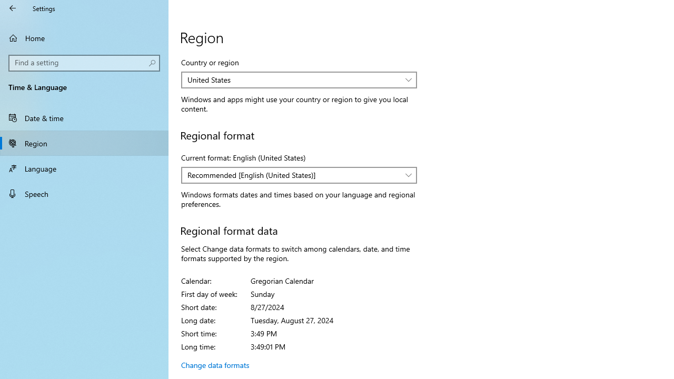  I want to click on 'Date & time', so click(84, 117).